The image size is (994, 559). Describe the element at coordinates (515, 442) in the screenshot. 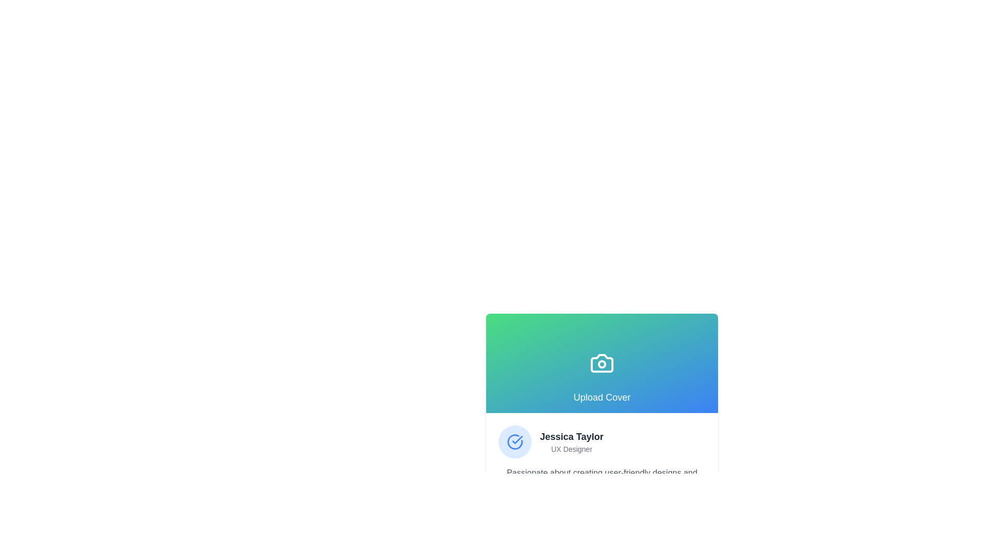

I see `the circular icon resembling part of a checkmark symbol, which is located in a blue circle background right before the text 'Jessica Taylor UX Designer'` at that location.